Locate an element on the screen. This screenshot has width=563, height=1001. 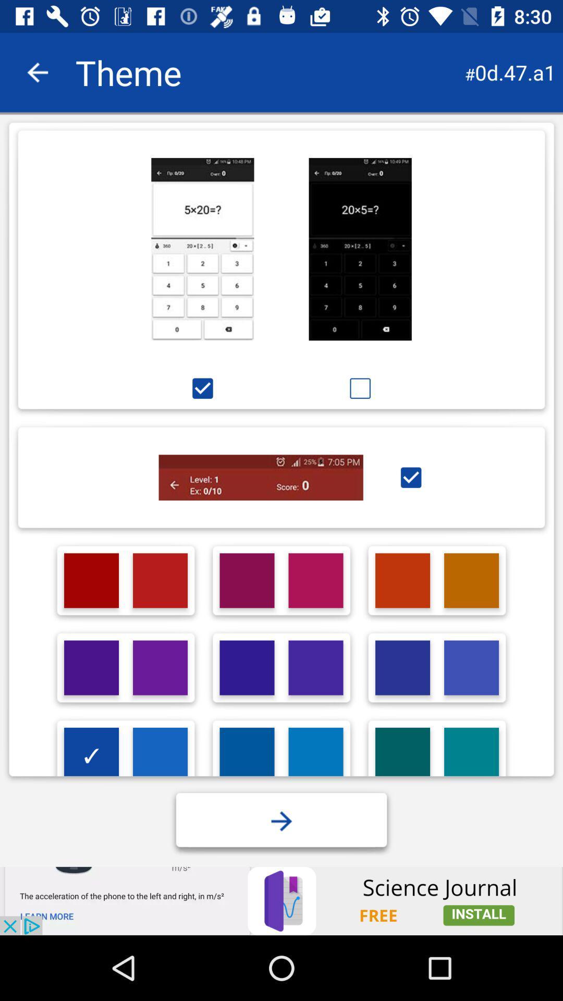
to select particular shade of color for theme is located at coordinates (91, 668).